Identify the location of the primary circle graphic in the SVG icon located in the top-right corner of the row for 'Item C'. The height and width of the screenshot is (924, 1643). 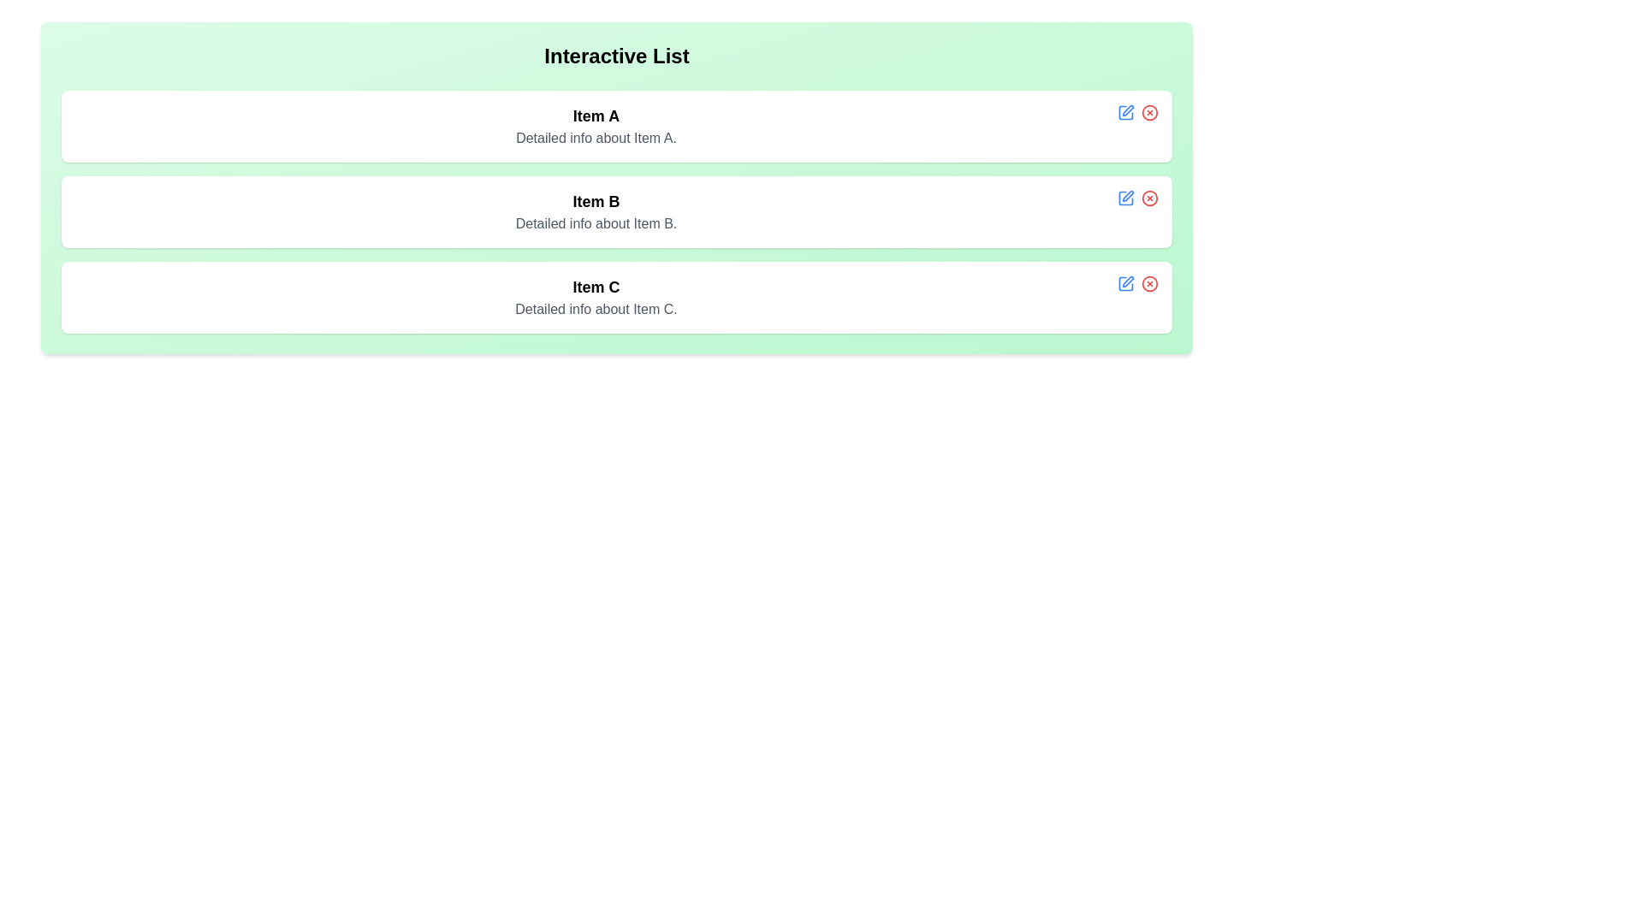
(1150, 282).